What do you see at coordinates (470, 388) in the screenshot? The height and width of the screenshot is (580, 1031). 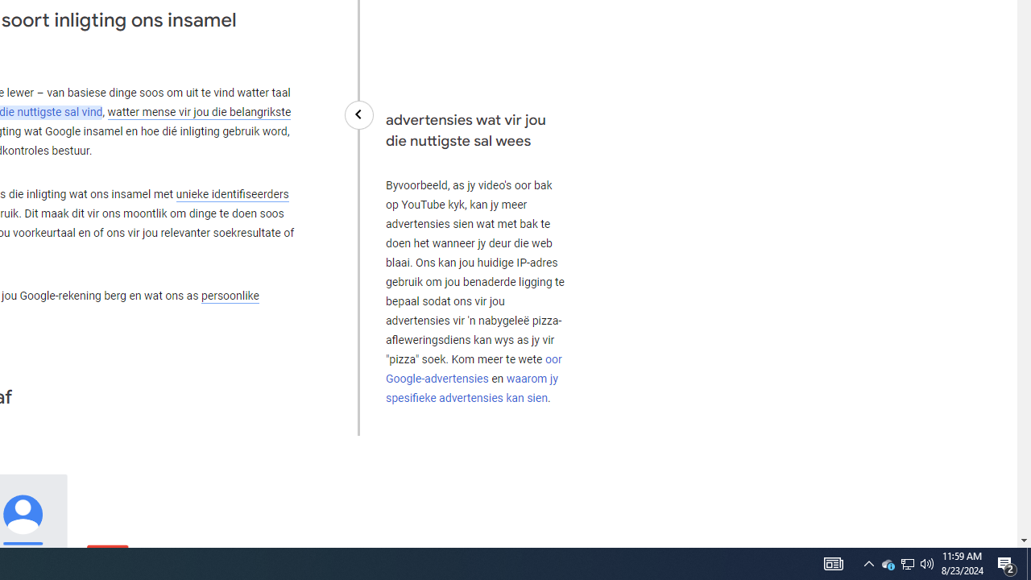 I see `'waarom jy spesifieke advertensies kan sien'` at bounding box center [470, 388].